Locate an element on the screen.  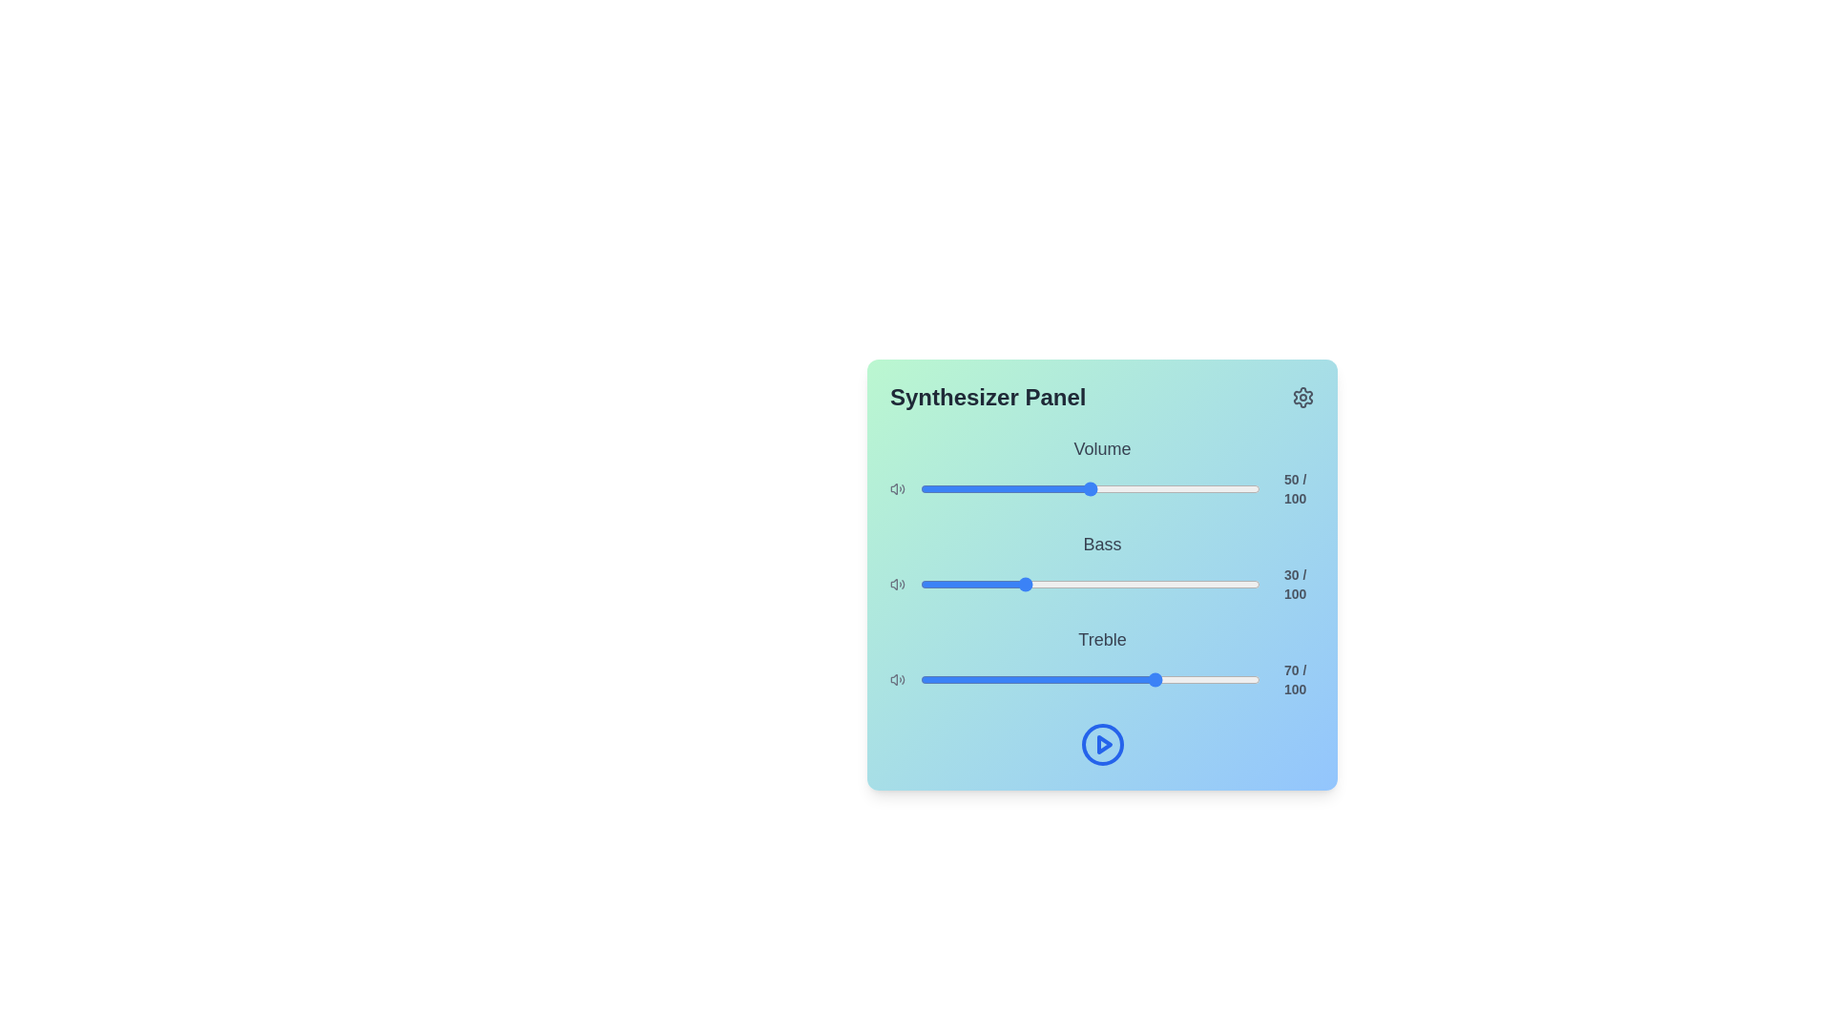
the volume slider to set the sound level to 66% is located at coordinates (1145, 488).